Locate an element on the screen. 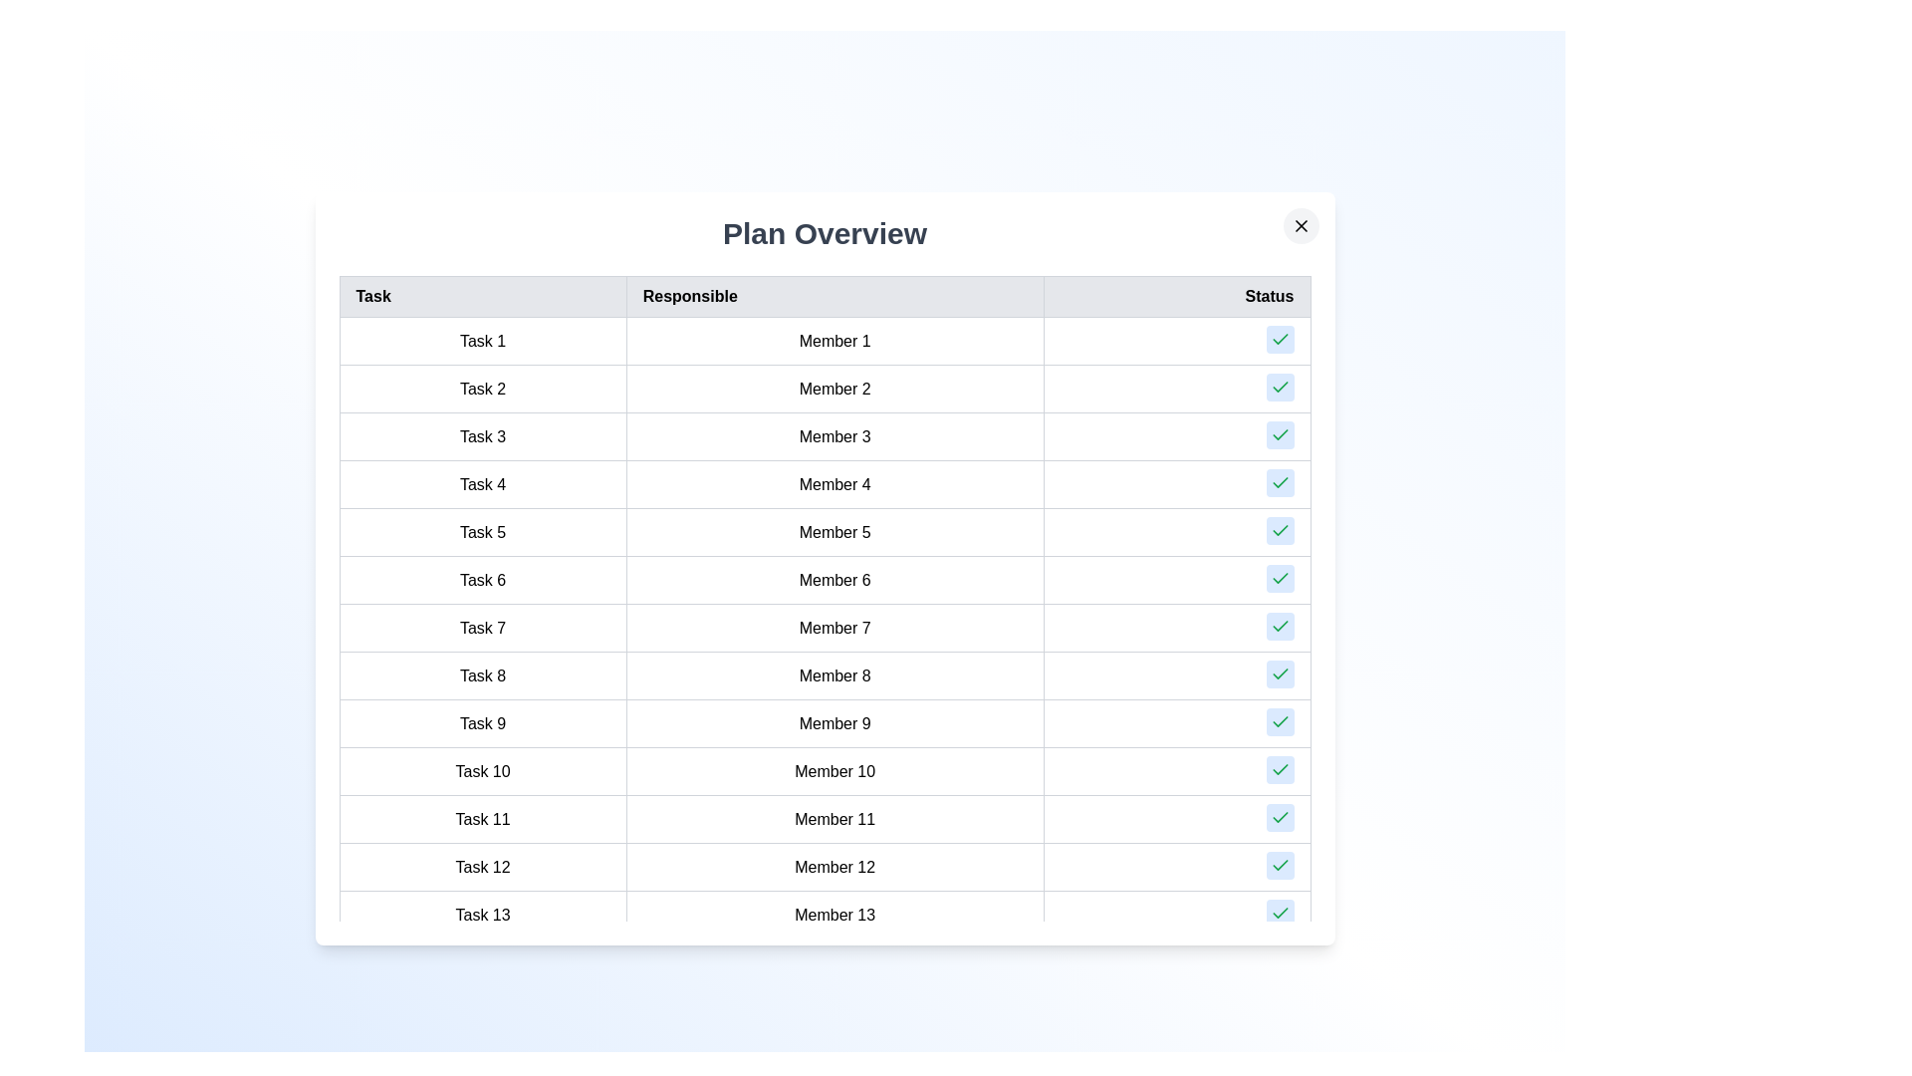 The width and height of the screenshot is (1912, 1076). the 'X' button in the top-right corner of the dialog to close it is located at coordinates (1301, 225).